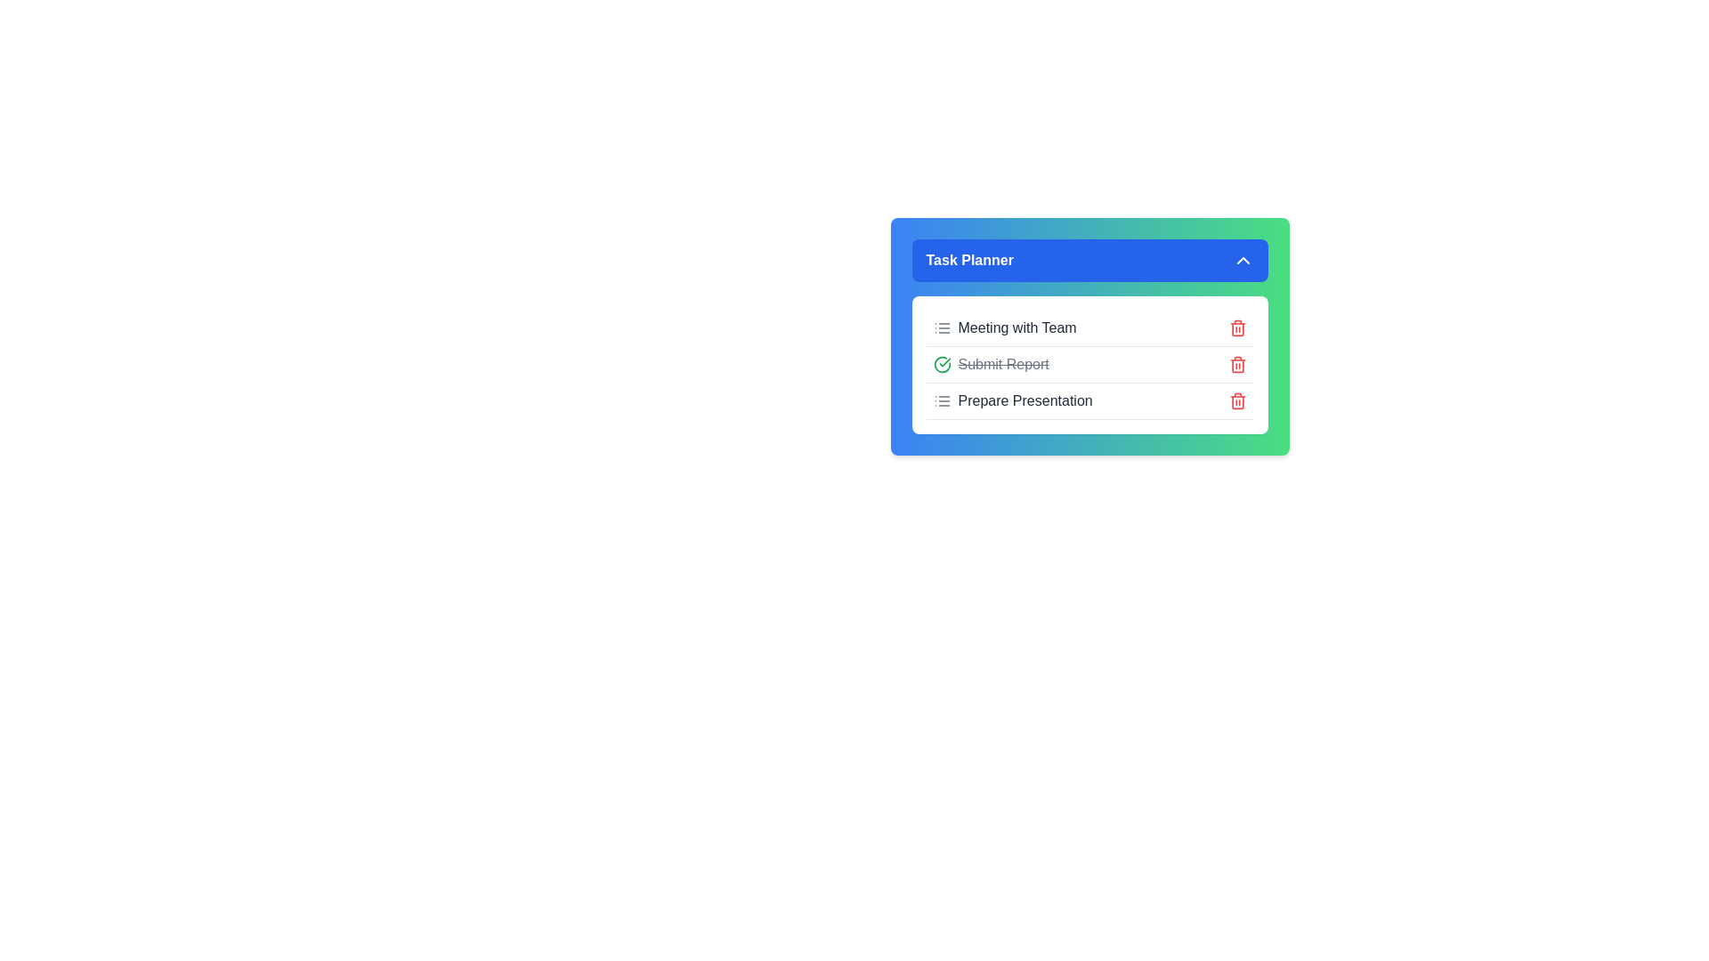 This screenshot has height=961, width=1709. What do you see at coordinates (1236, 328) in the screenshot?
I see `the delete icon for the task titled 'Meeting with Team'` at bounding box center [1236, 328].